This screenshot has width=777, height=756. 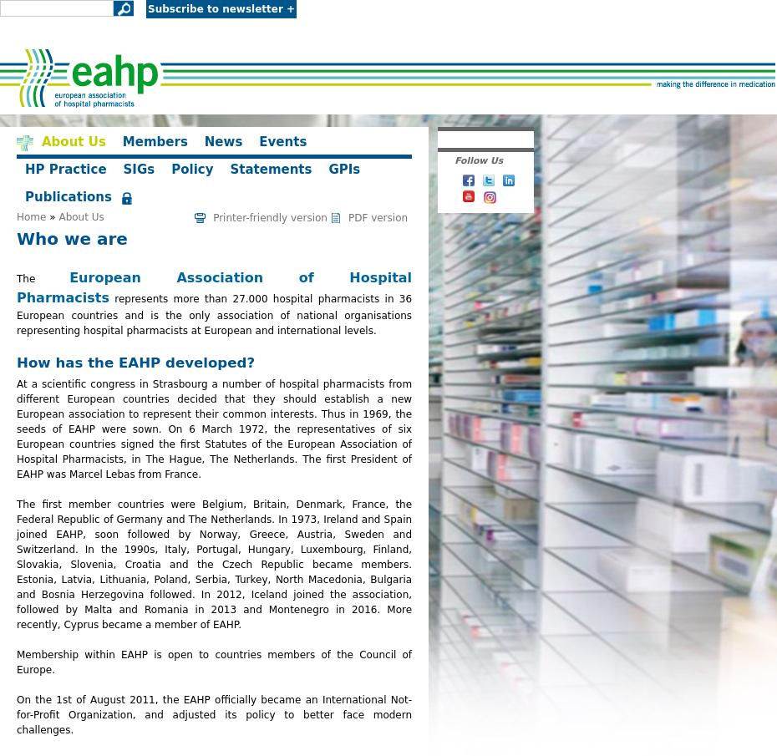 What do you see at coordinates (146, 8) in the screenshot?
I see `'Subscribe to newsletter +'` at bounding box center [146, 8].